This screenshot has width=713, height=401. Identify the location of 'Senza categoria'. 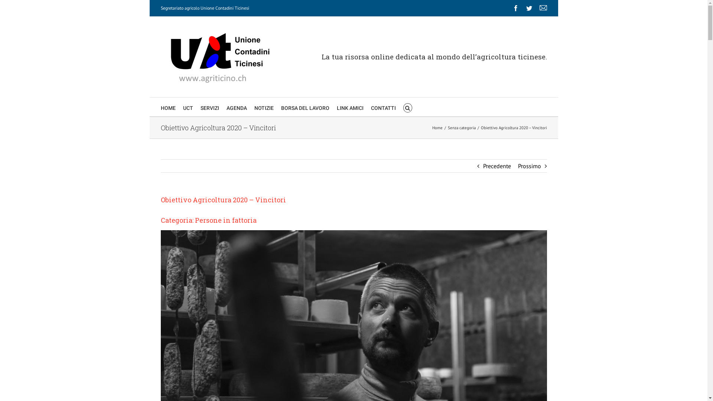
(461, 127).